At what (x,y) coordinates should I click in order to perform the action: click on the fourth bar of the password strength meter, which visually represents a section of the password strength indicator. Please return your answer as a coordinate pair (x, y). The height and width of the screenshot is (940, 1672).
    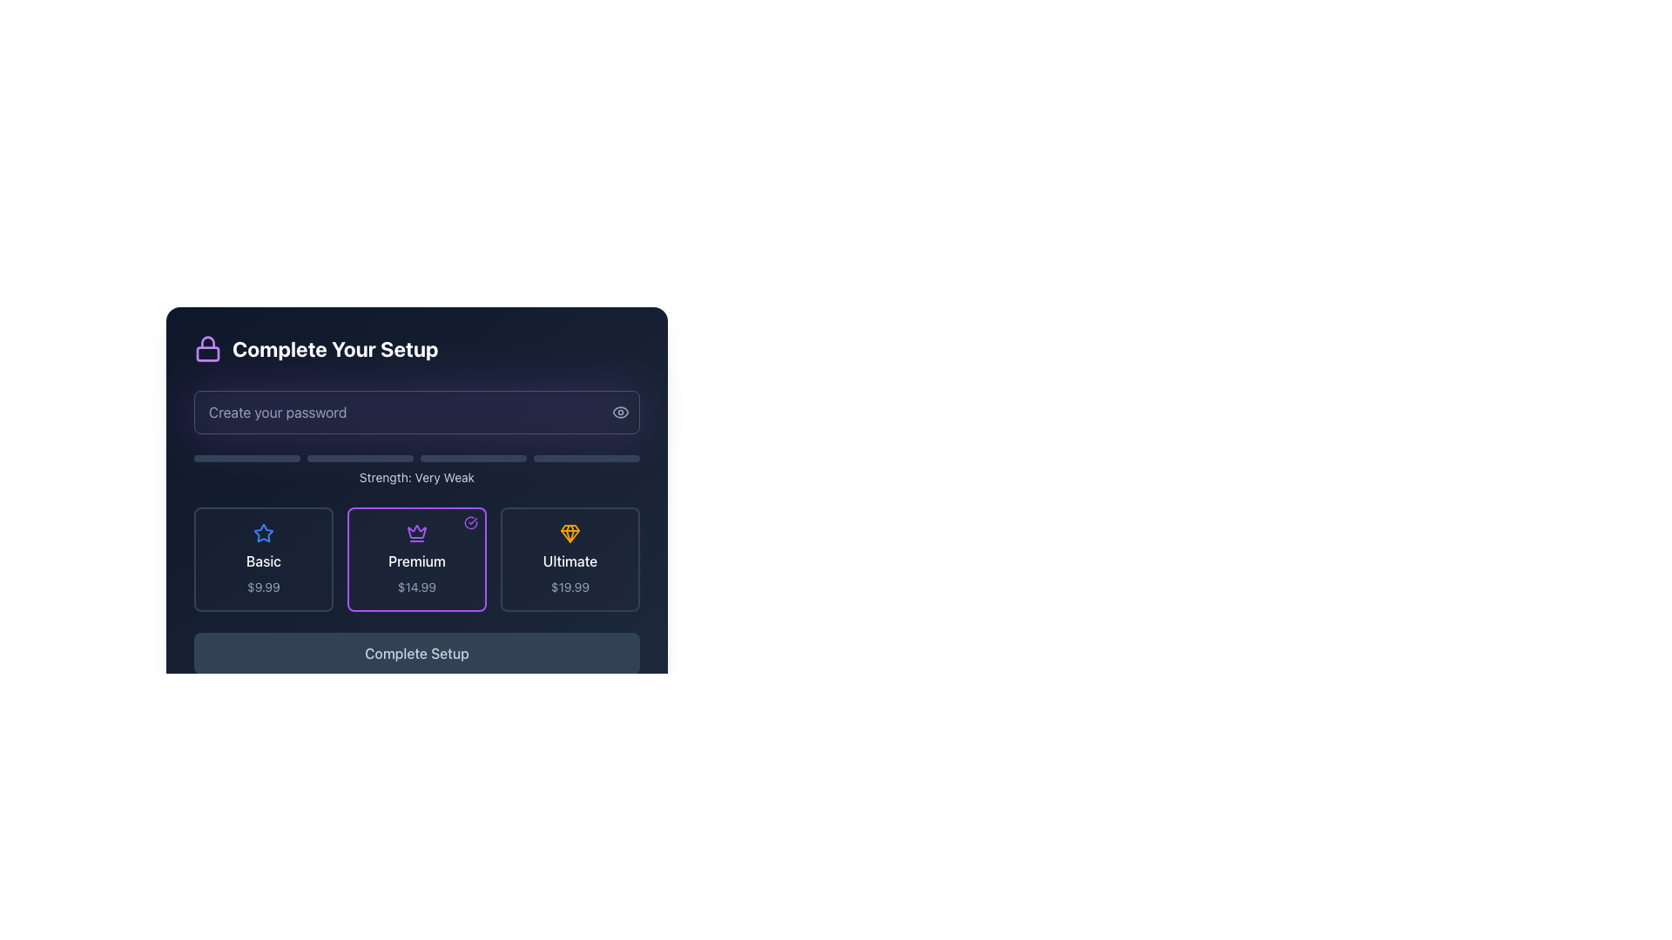
    Looking at the image, I should click on (586, 458).